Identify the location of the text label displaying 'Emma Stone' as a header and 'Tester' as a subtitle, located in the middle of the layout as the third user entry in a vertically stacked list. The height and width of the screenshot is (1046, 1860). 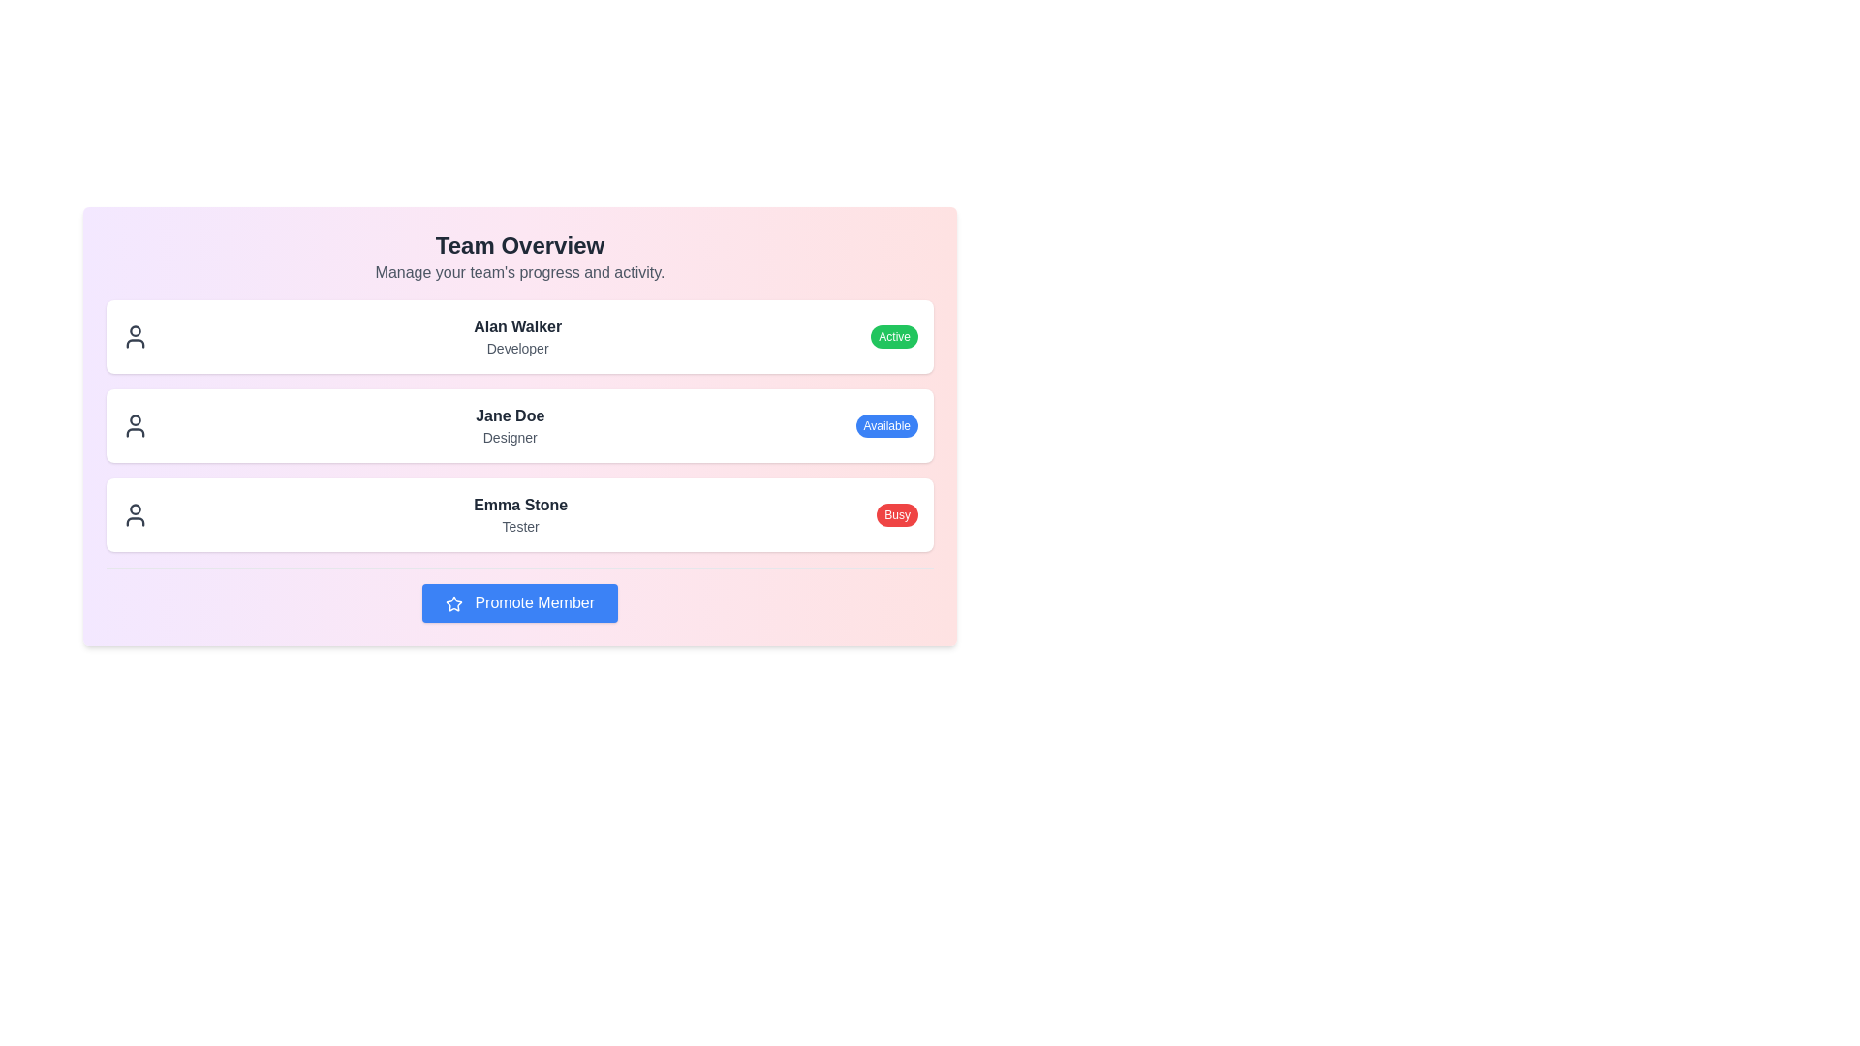
(520, 514).